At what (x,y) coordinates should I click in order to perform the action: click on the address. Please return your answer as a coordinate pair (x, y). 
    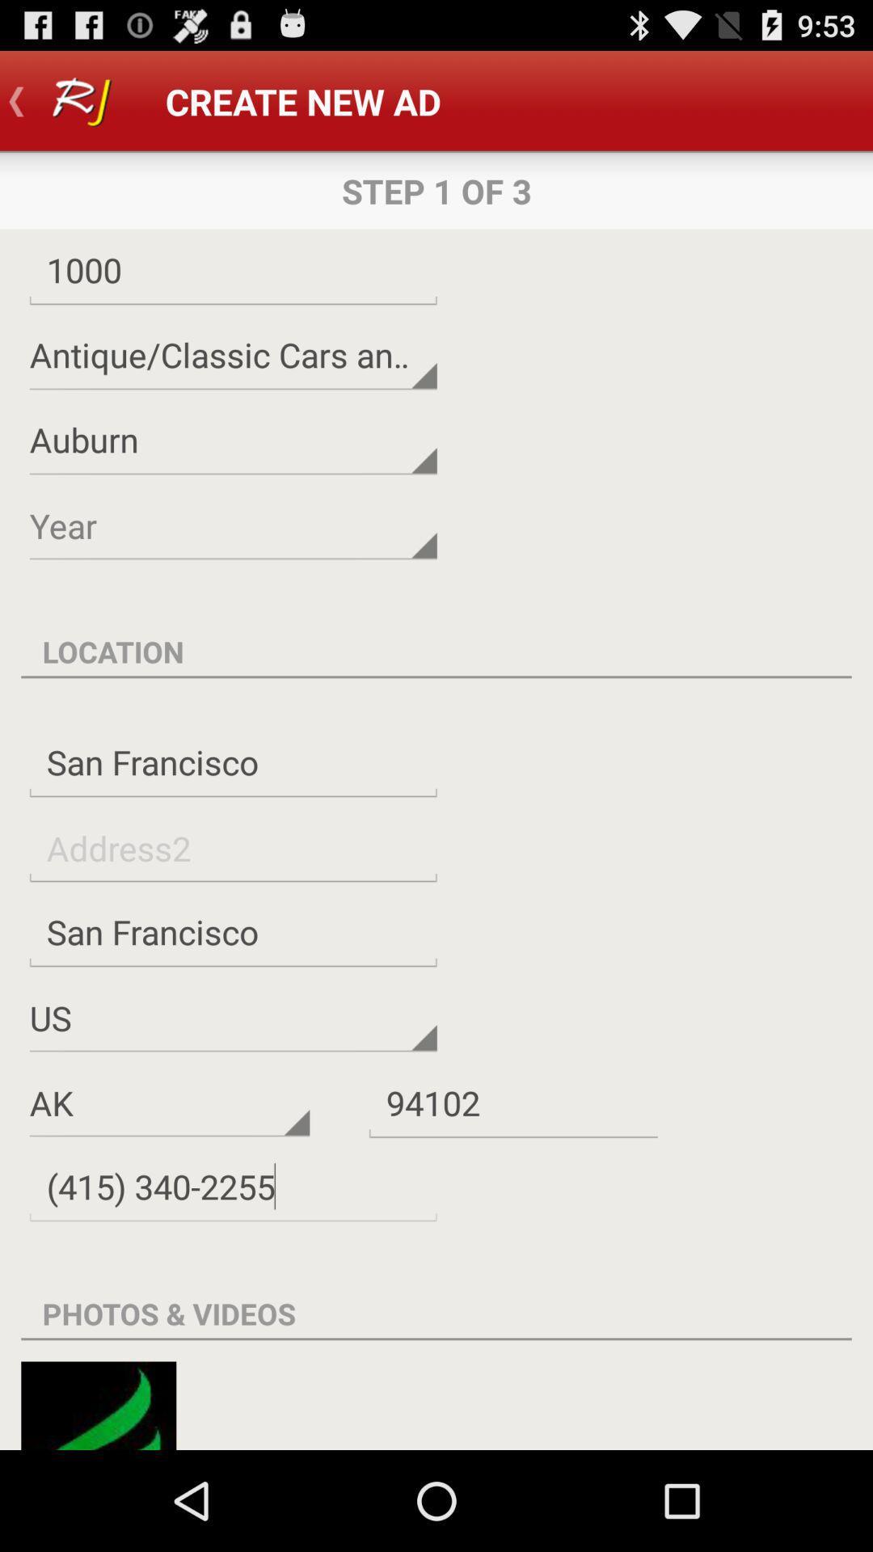
    Looking at the image, I should click on (233, 847).